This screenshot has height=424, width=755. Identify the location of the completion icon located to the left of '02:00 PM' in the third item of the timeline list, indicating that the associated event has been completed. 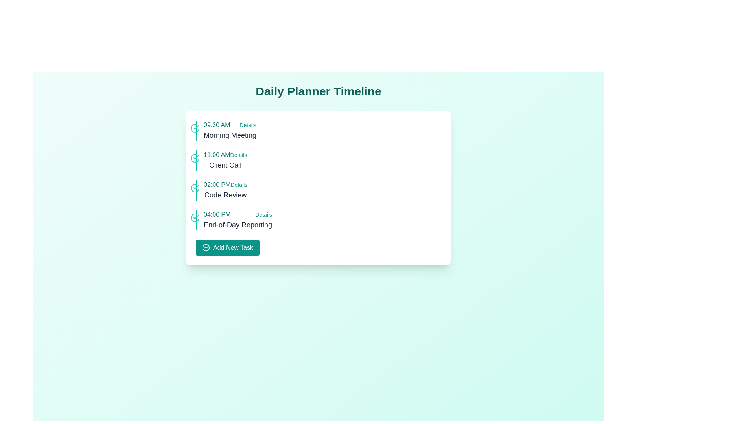
(195, 188).